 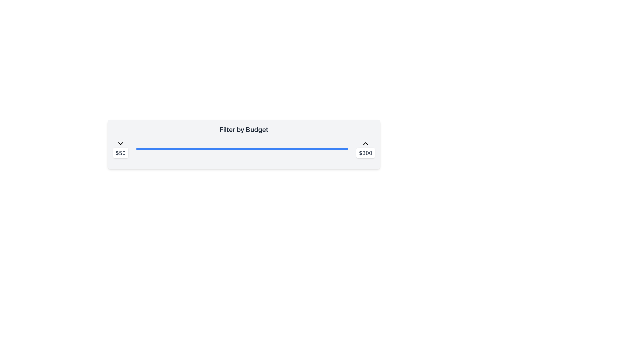 I want to click on the maximum value indicator at the far right of the 'Filter by Budget' bar to adjust the value, so click(x=365, y=149).